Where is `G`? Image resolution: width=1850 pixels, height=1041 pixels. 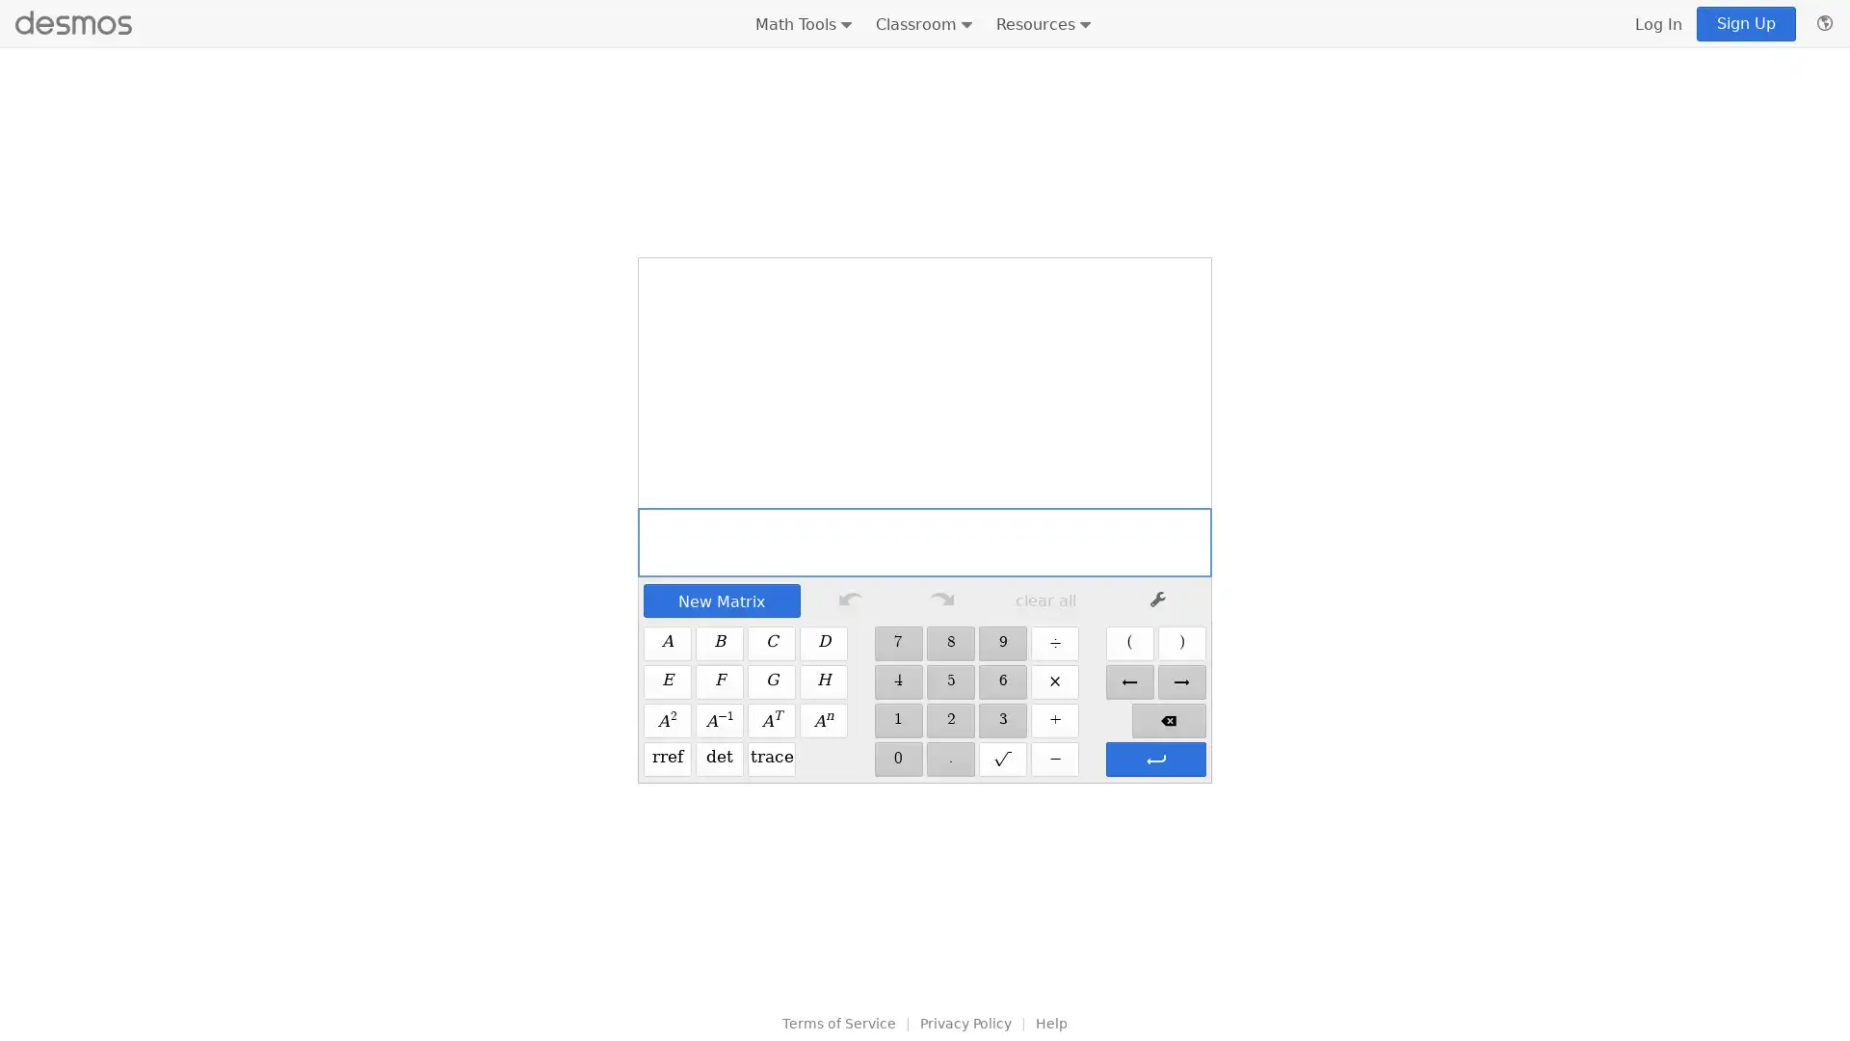 G is located at coordinates (772, 681).